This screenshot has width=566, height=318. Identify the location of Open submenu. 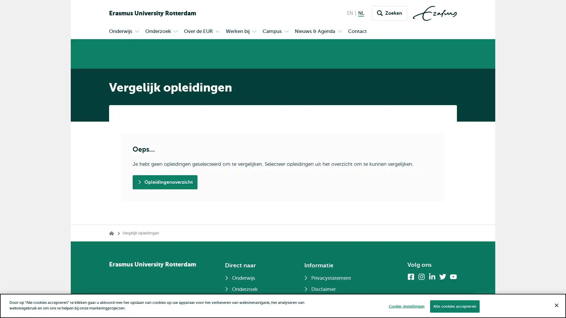
(175, 32).